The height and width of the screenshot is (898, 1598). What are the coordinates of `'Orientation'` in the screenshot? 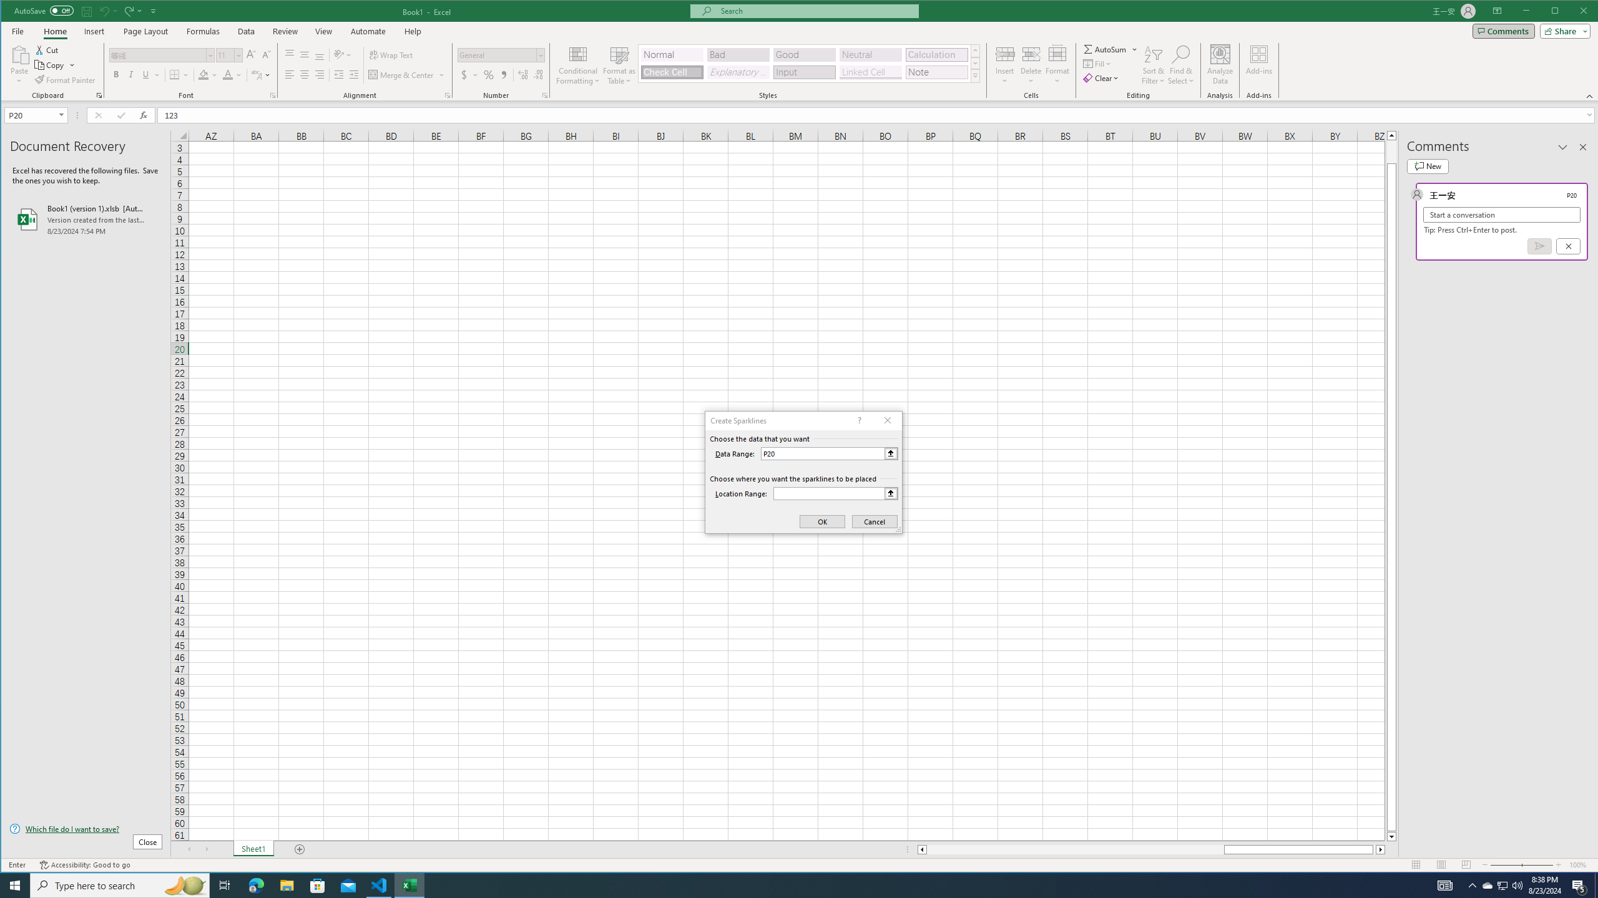 It's located at (343, 54).